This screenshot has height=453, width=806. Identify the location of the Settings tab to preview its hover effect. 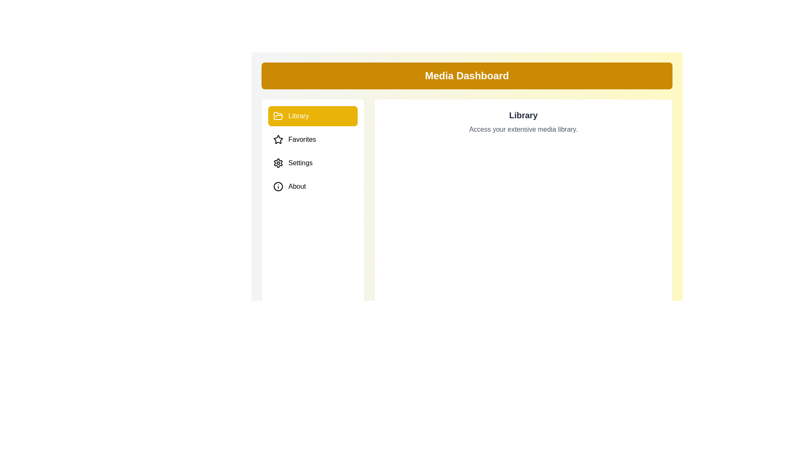
(312, 163).